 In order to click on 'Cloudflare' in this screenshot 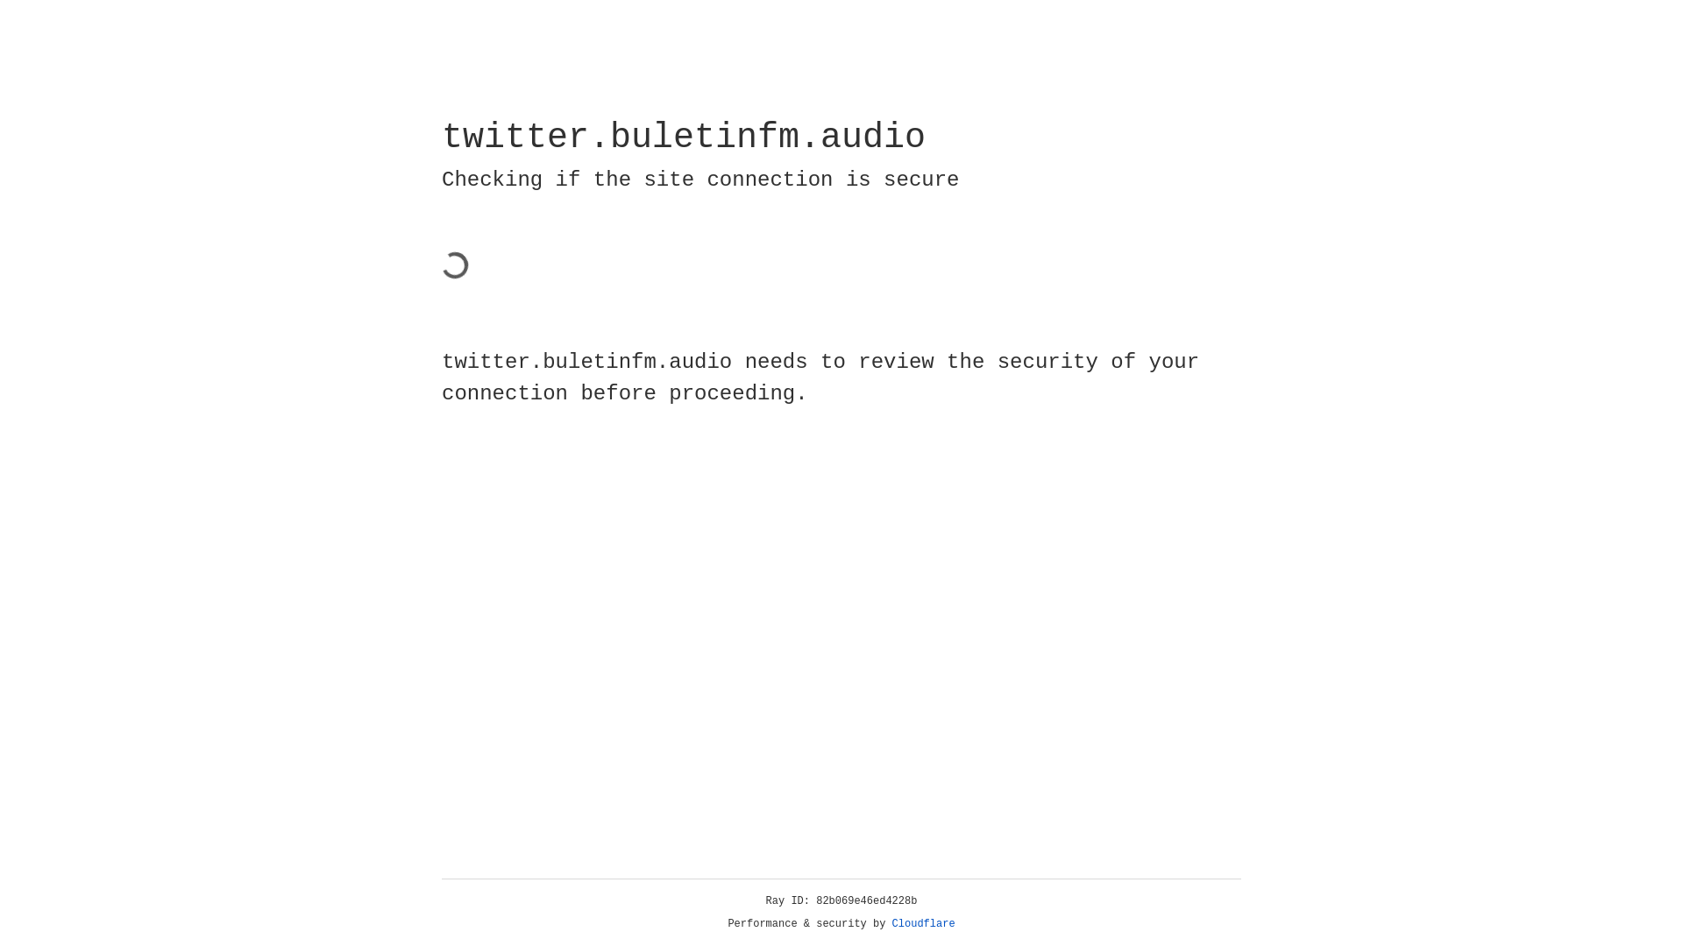, I will do `click(923, 923)`.